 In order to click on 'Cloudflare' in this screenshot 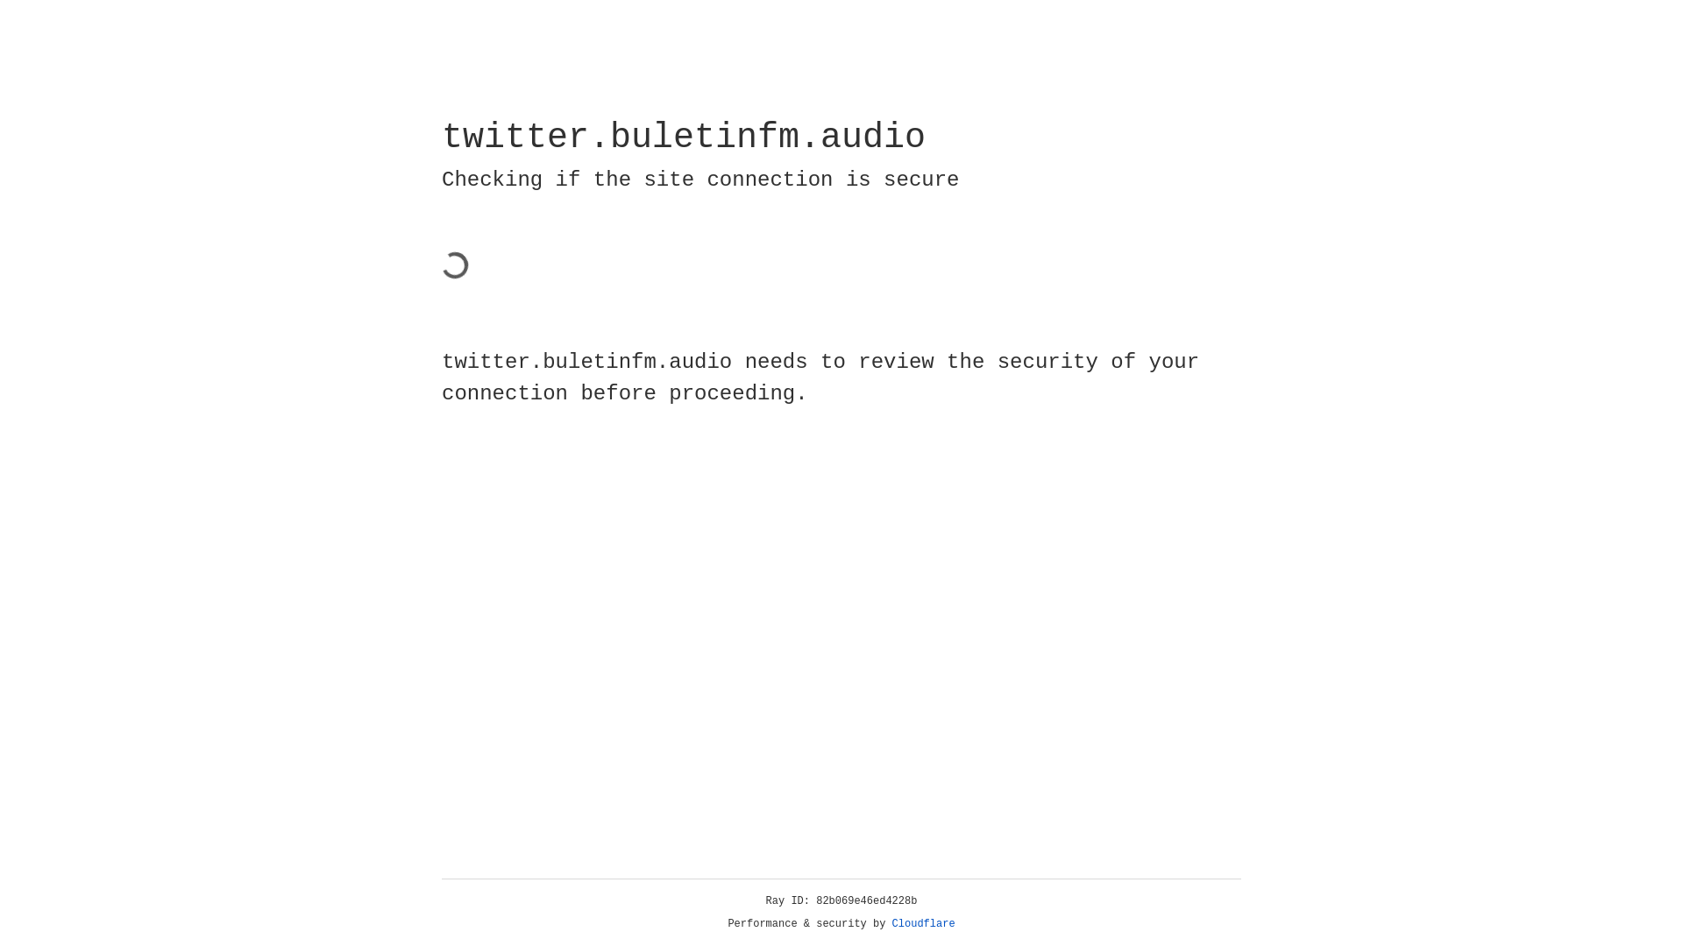, I will do `click(923, 923)`.